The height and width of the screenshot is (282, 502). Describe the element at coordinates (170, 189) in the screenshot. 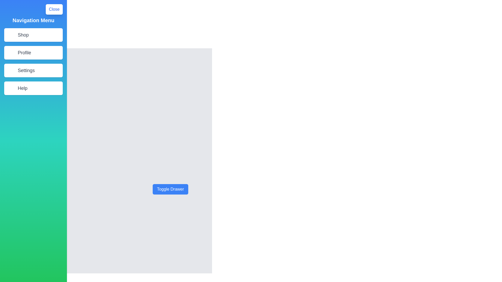

I see `the Toggle Drawer button to toggle the drawer` at that location.